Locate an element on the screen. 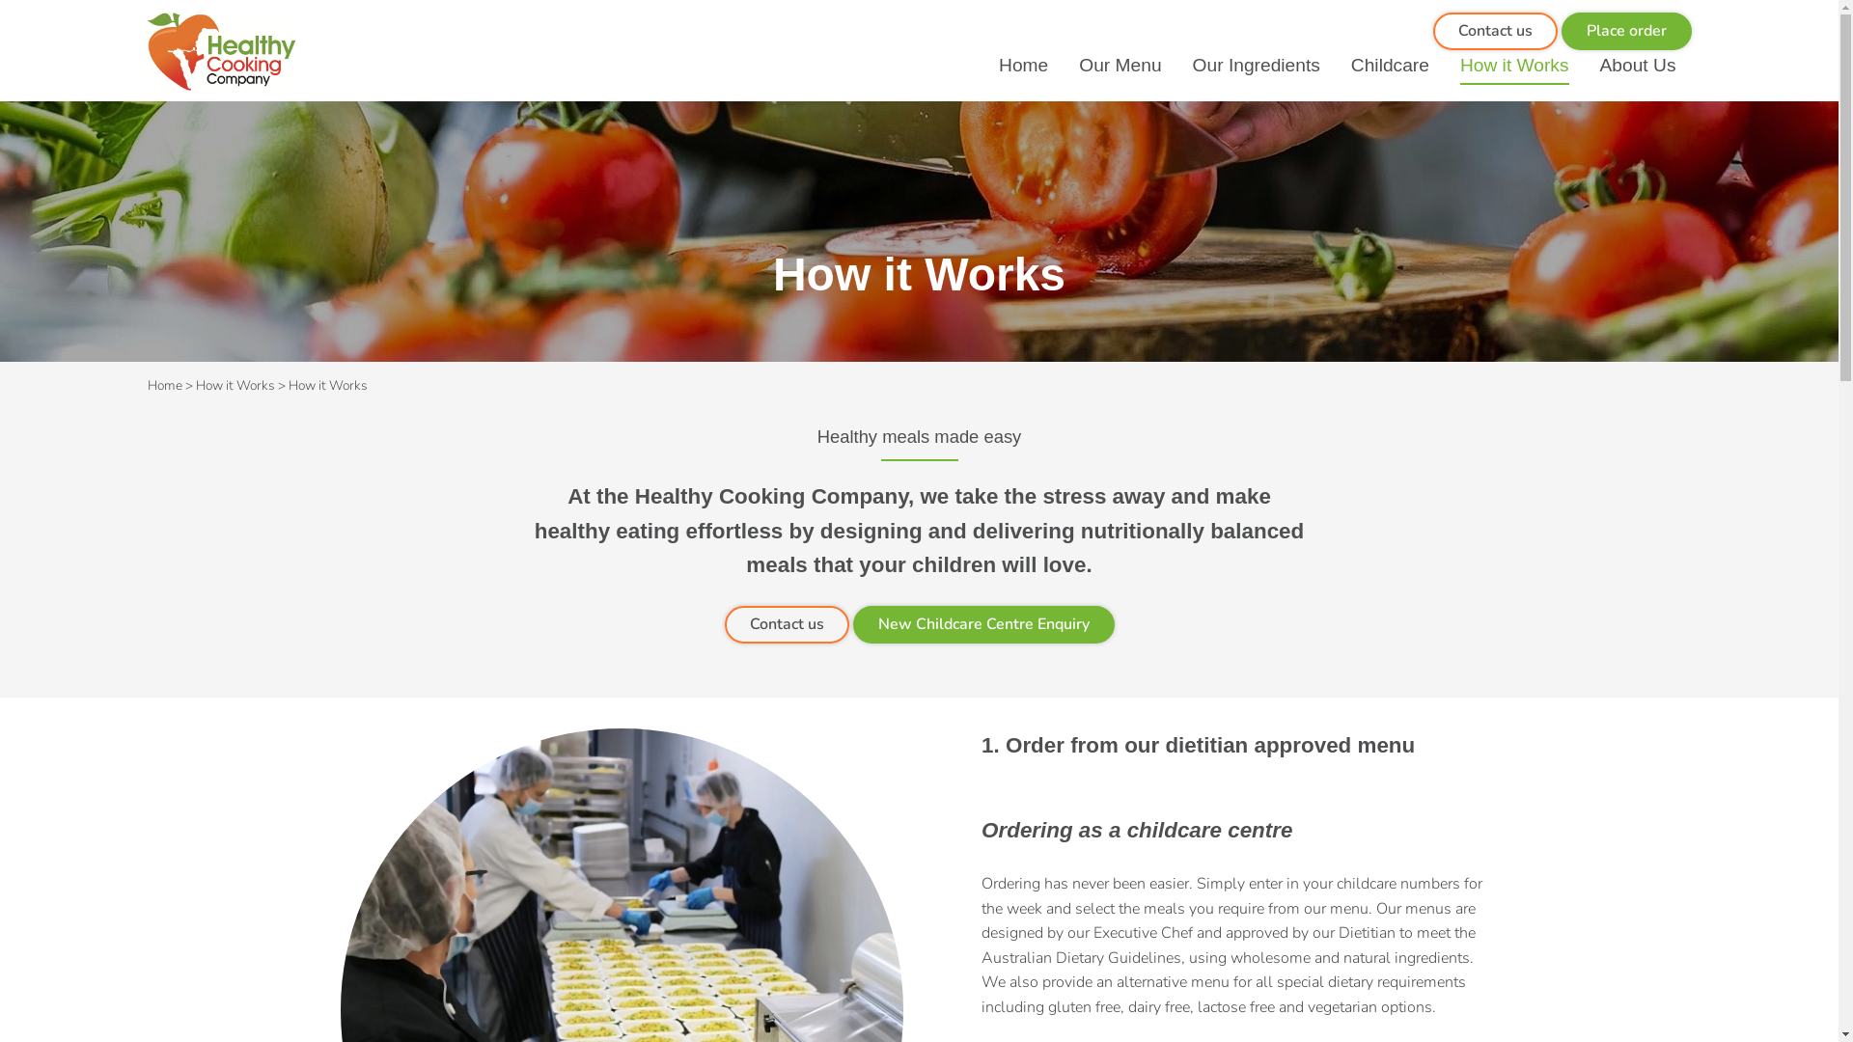 Image resolution: width=1853 pixels, height=1042 pixels. 'Home' is located at coordinates (163, 385).